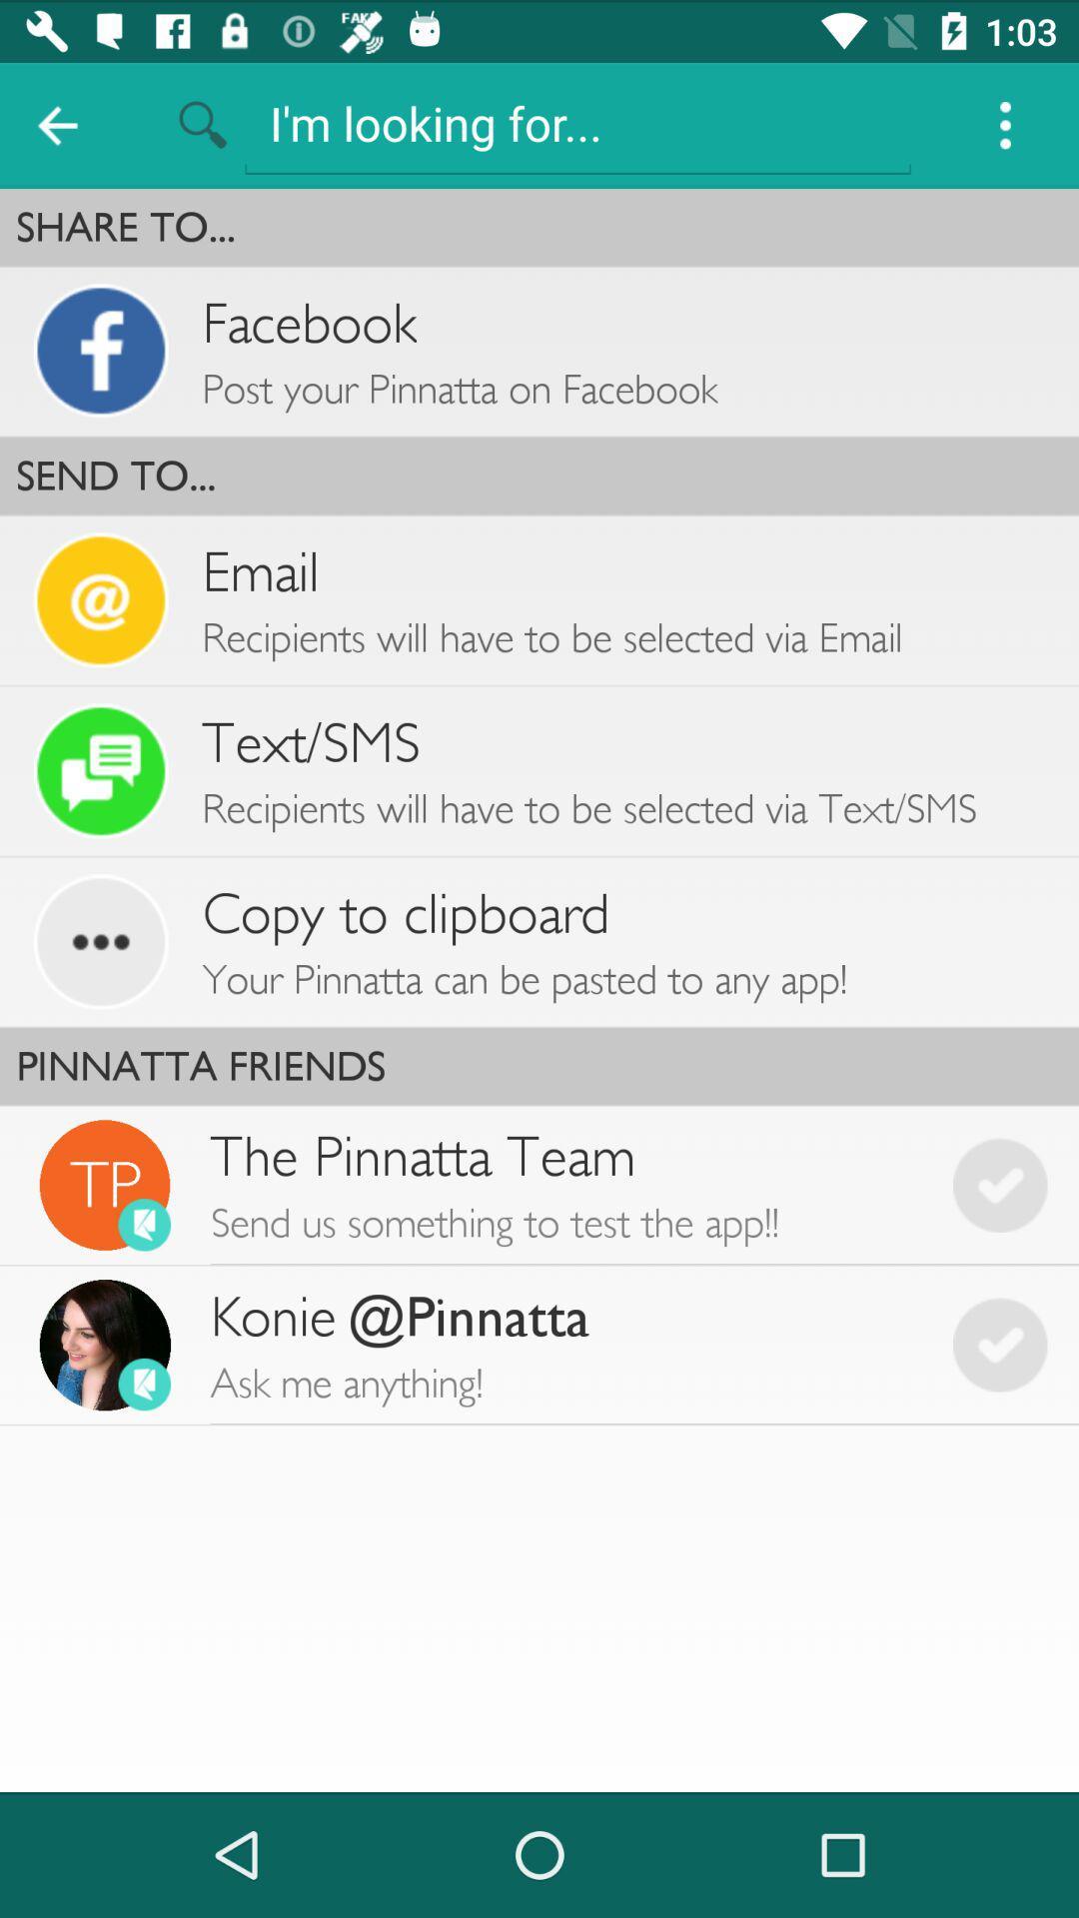 This screenshot has height=1918, width=1079. I want to click on the konie pinnatta ask item, so click(565, 1345).